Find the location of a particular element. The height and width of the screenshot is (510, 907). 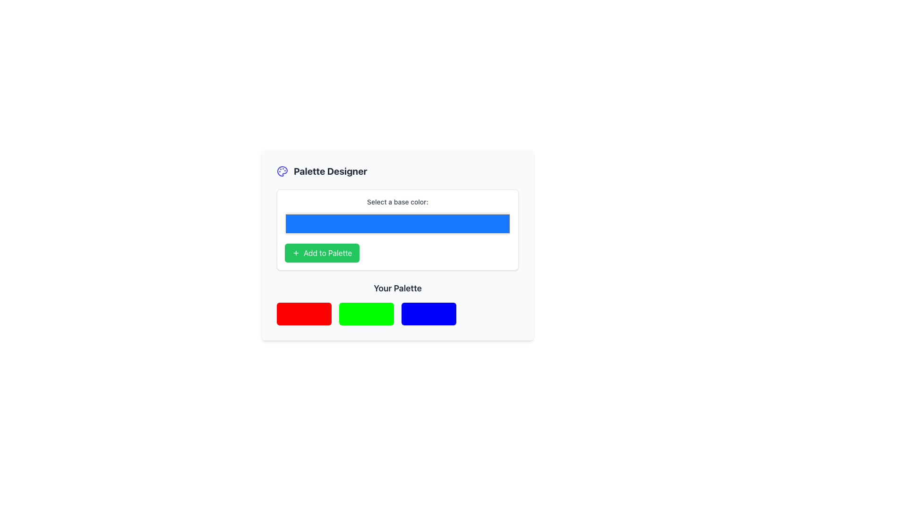

the text label displaying 'Your Palette', which is styled with a large bold font in dark gray, located below the 'Add to Palette' button and above a row of color blocks is located at coordinates (397, 288).